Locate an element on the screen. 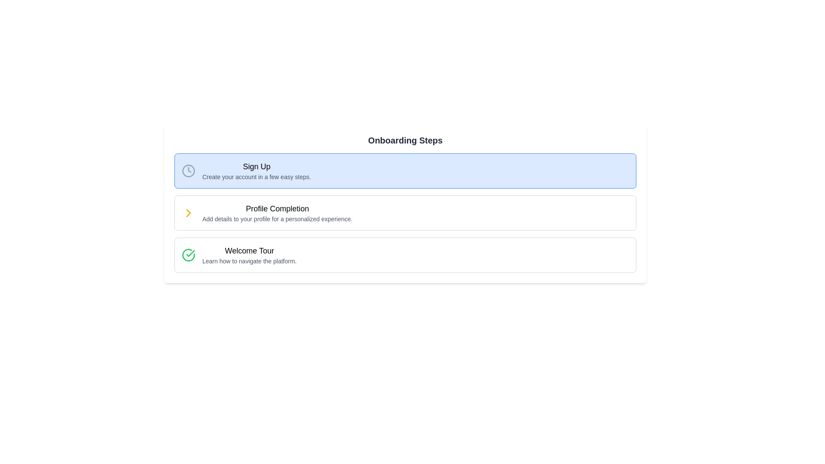  the 'Sign Up' text block with a blue background that contains the text 'Sign Up' and 'Create your account in a few easy steps.' is located at coordinates (256, 171).